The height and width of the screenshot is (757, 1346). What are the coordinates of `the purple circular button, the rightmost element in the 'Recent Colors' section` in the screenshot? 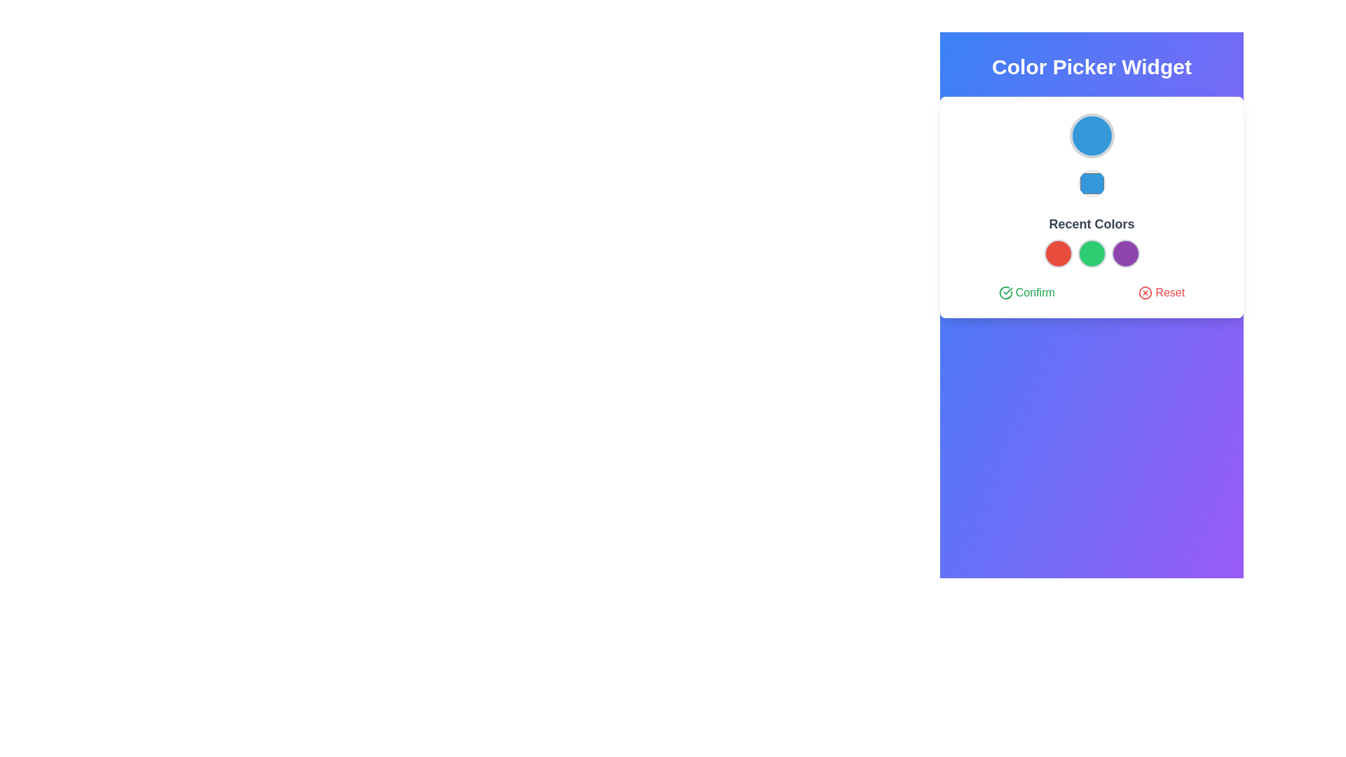 It's located at (1125, 254).